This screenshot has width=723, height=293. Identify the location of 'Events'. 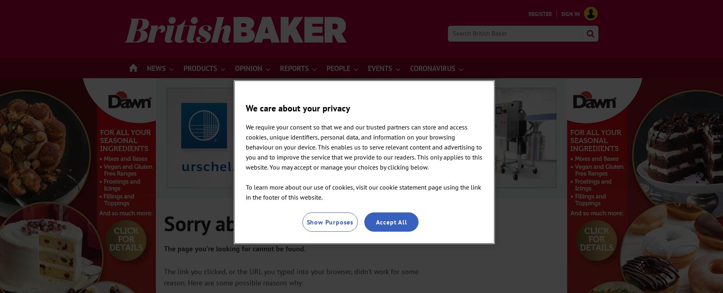
(380, 68).